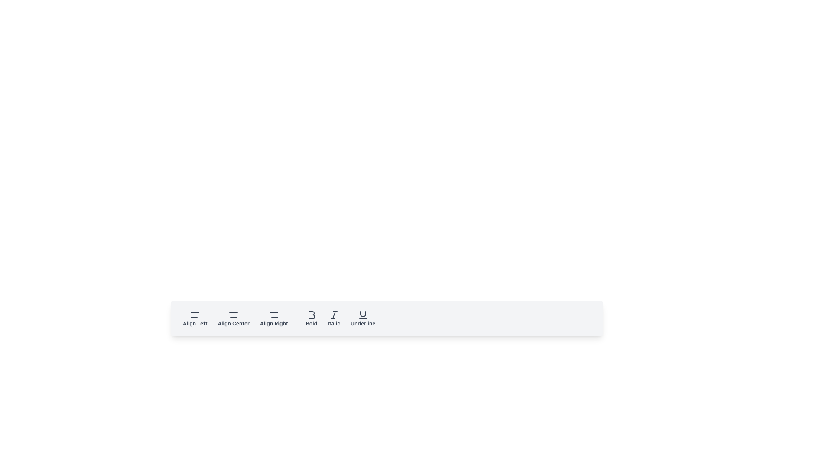 This screenshot has width=832, height=468. What do you see at coordinates (195, 318) in the screenshot?
I see `the text alignment button positioned as the first option in the formatting tools` at bounding box center [195, 318].